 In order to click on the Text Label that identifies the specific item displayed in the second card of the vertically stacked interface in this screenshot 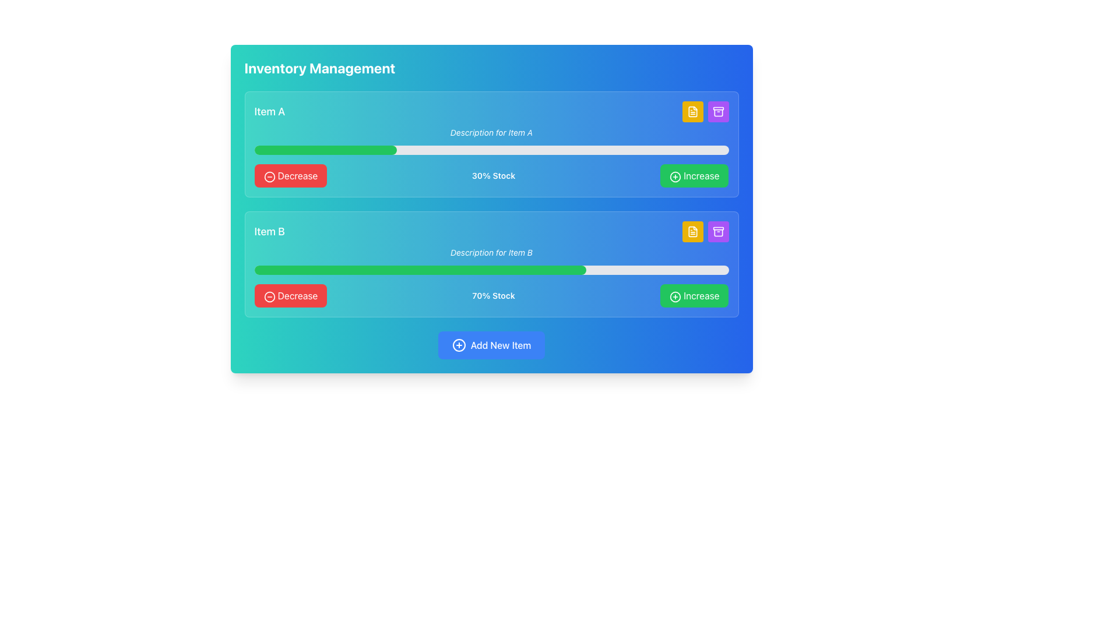, I will do `click(269, 231)`.